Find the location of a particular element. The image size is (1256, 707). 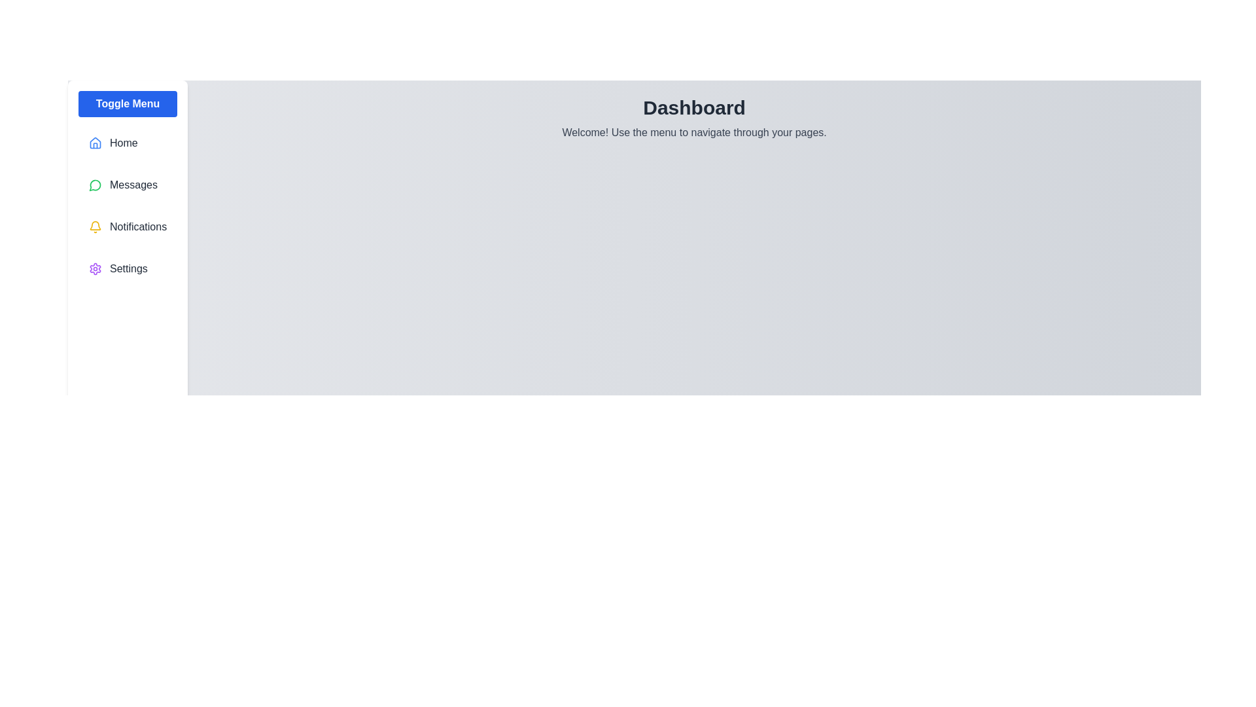

the menu item Notifications in the sidebar is located at coordinates (128, 227).